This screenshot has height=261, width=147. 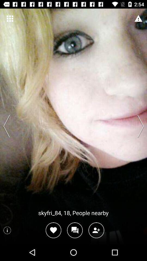 What do you see at coordinates (139, 126) in the screenshot?
I see `the arrow_forward icon` at bounding box center [139, 126].